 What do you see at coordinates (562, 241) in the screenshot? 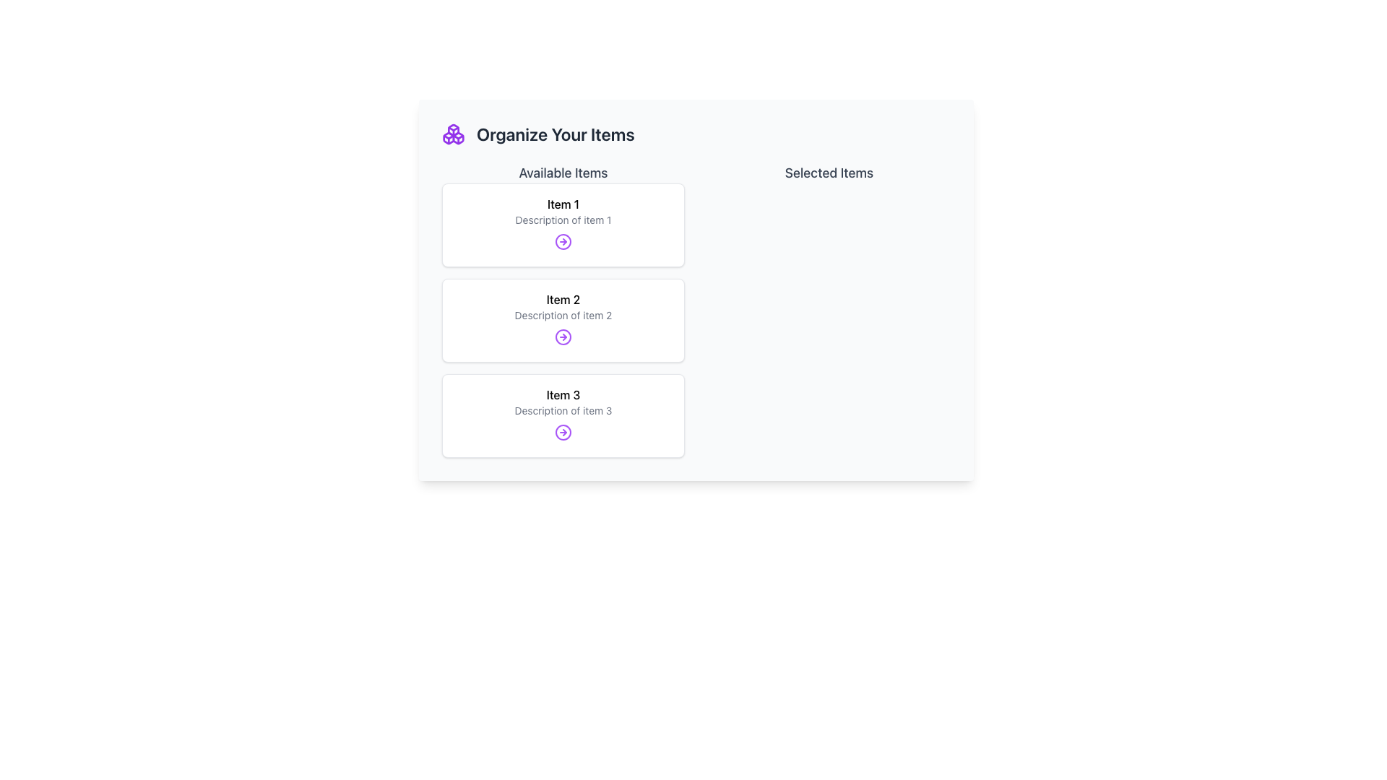
I see `the circular outline surrounding the right-pointing arrow in the button associated with 'Item 1' in the 'Available Items' section` at bounding box center [562, 241].